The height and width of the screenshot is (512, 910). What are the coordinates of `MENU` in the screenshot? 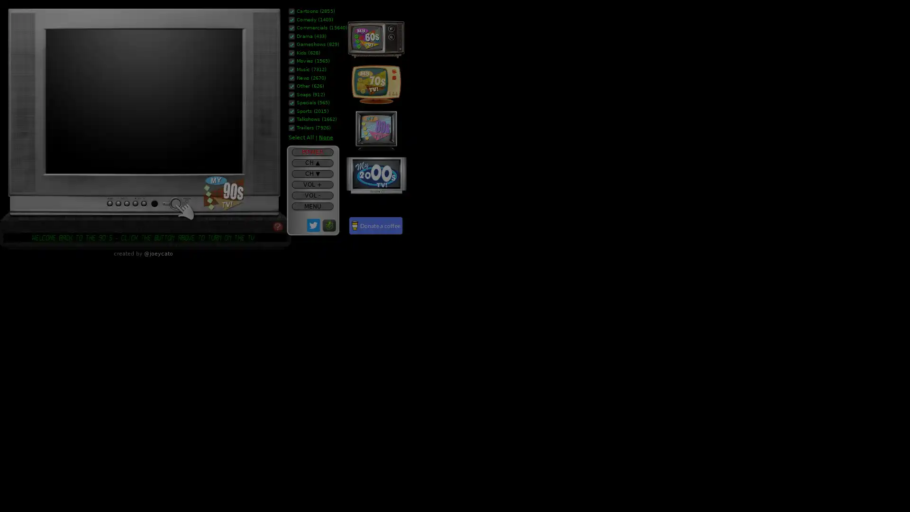 It's located at (312, 206).